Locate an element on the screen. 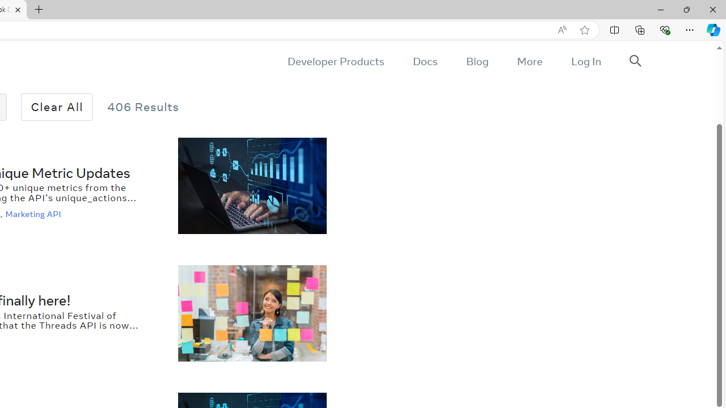  'Browser essentials' is located at coordinates (664, 29).